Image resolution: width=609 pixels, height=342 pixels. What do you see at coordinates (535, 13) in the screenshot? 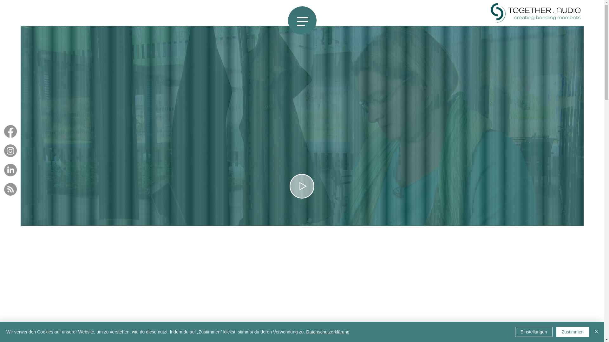
I see `'TA-LOGO TEXT.png'` at bounding box center [535, 13].